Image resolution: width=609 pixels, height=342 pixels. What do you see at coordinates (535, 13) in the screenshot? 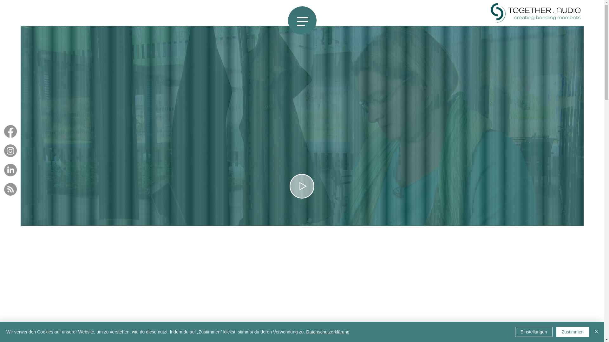
I see `'TA-LOGO TEXT.png'` at bounding box center [535, 13].